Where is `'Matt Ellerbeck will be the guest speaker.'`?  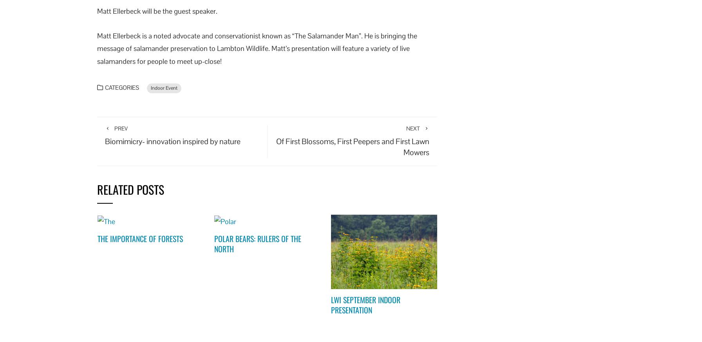
'Matt Ellerbeck will be the guest speaker.' is located at coordinates (97, 11).